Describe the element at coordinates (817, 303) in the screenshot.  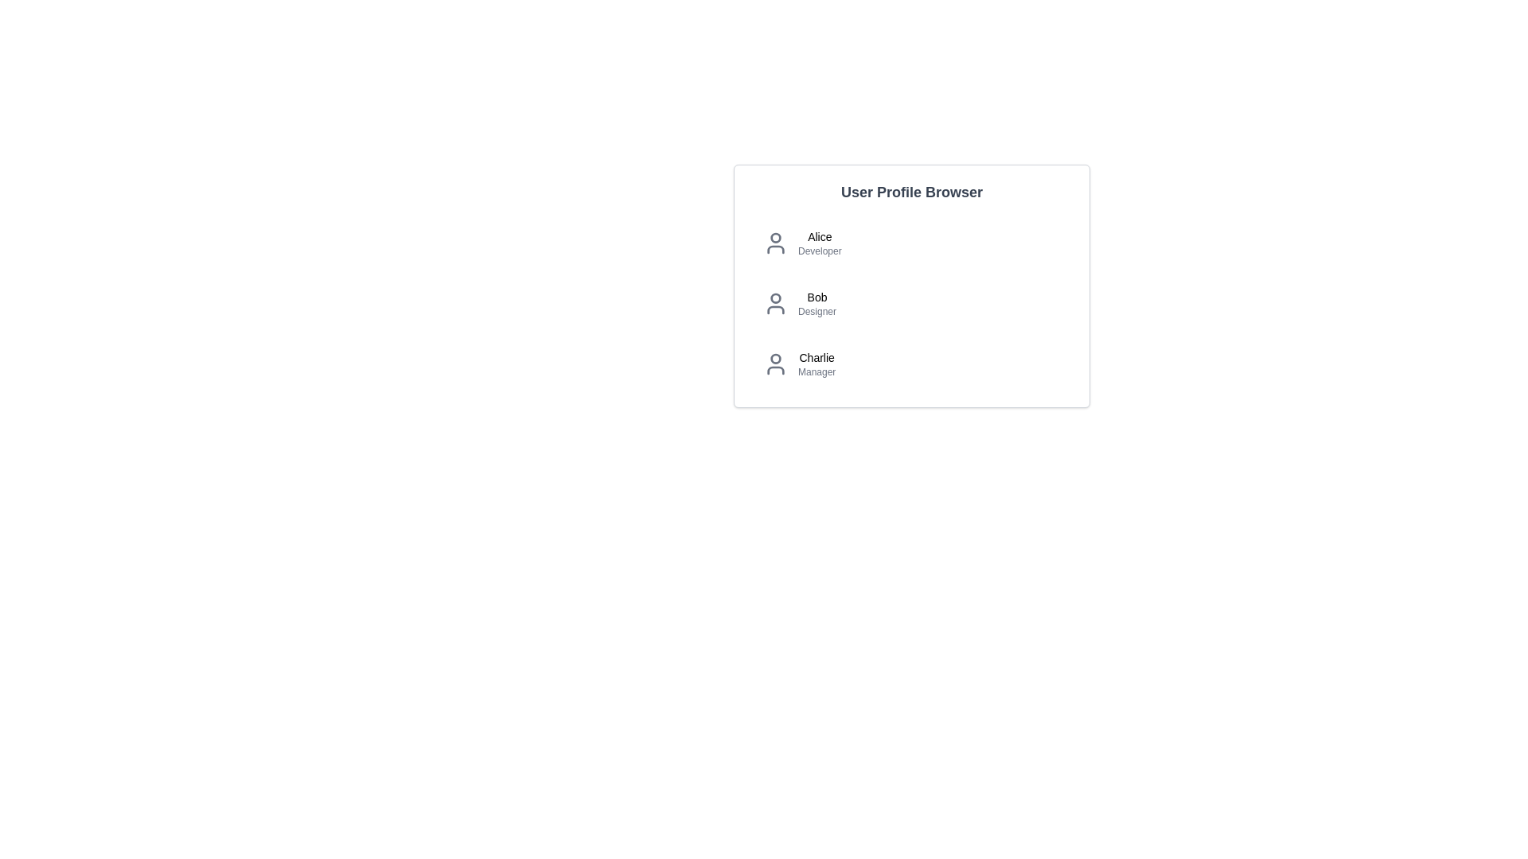
I see `displayed name 'Bob' and role 'Designer' from the text display component, which is the second in a vertical list of similar components` at that location.